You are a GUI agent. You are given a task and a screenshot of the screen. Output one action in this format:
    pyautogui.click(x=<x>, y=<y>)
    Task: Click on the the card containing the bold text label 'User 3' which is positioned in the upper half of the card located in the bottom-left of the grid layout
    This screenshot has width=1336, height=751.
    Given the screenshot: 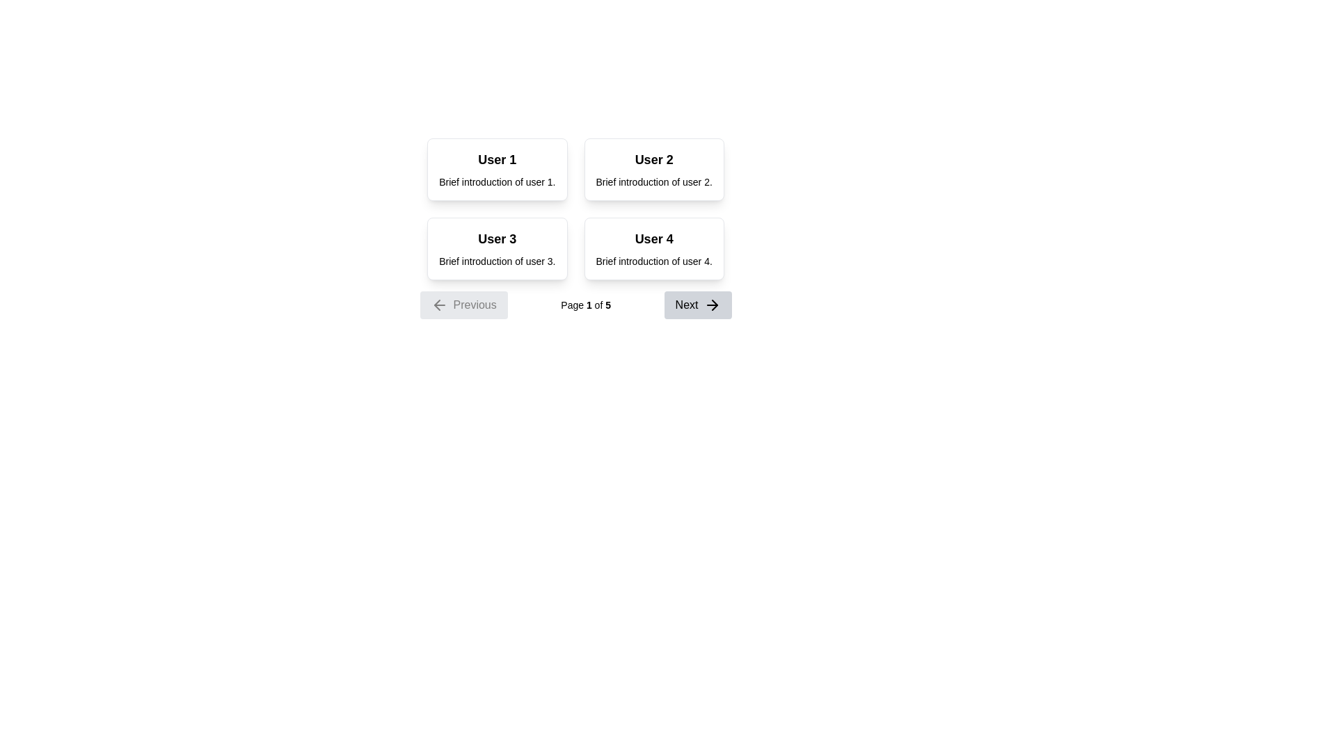 What is the action you would take?
    pyautogui.click(x=497, y=238)
    